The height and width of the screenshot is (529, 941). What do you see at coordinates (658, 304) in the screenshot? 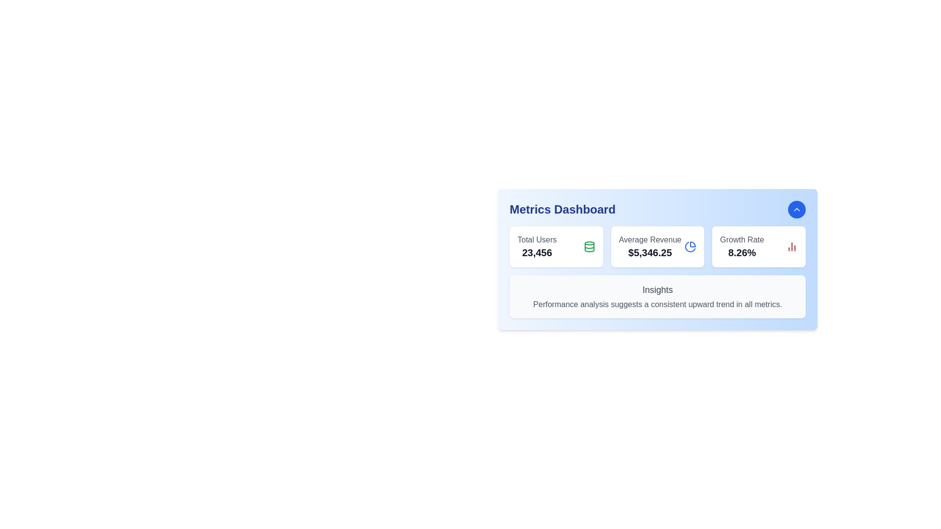
I see `the text label displaying 'Performance analysis suggests a consistent upward trend in all metrics.' which is located underneath the 'Insights' heading in the 'Metrics Dashboard' card` at bounding box center [658, 304].